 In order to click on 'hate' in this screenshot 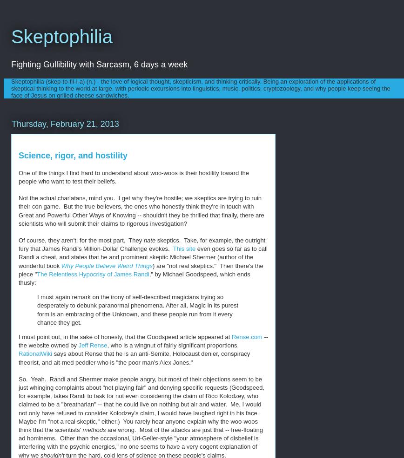, I will do `click(149, 240)`.